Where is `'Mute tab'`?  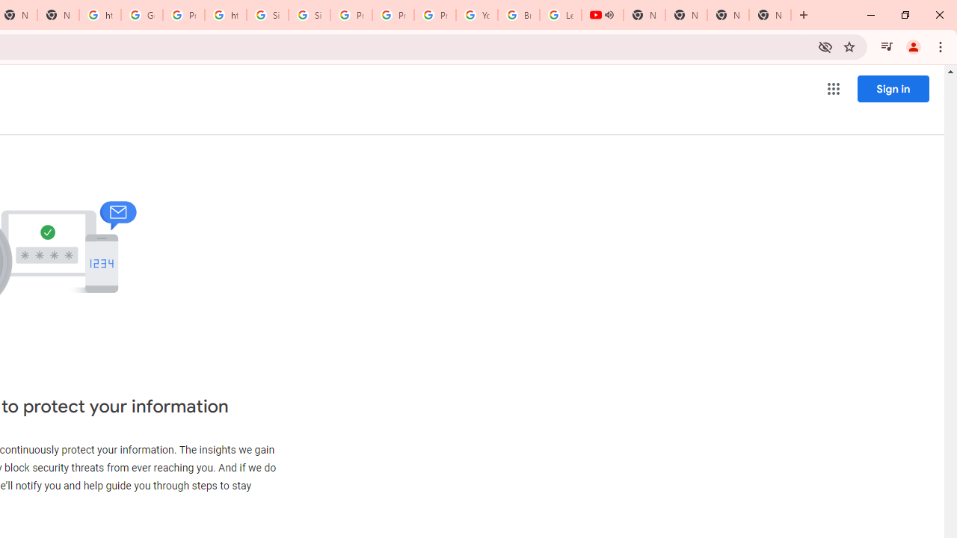 'Mute tab' is located at coordinates (609, 15).